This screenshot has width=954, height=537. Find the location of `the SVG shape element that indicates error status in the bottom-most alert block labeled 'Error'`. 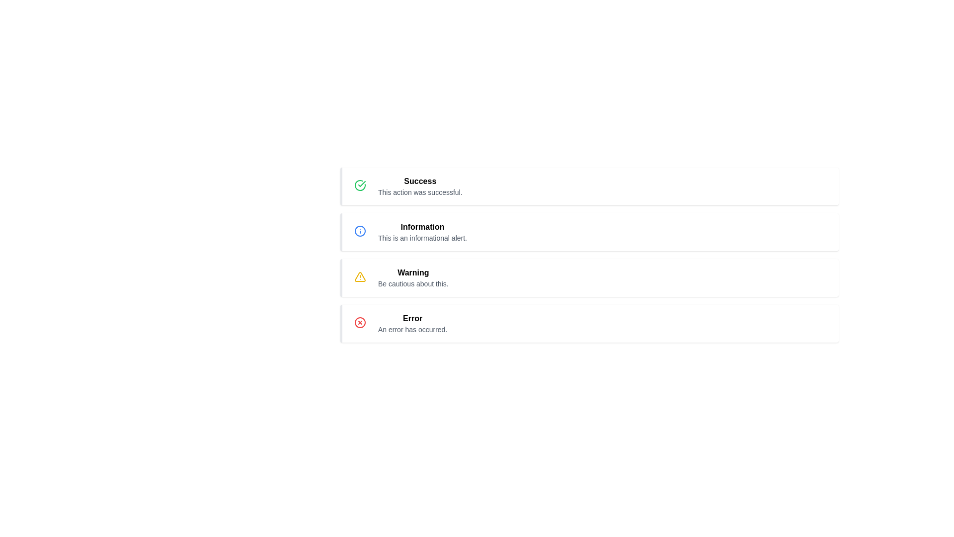

the SVG shape element that indicates error status in the bottom-most alert block labeled 'Error' is located at coordinates (359, 322).